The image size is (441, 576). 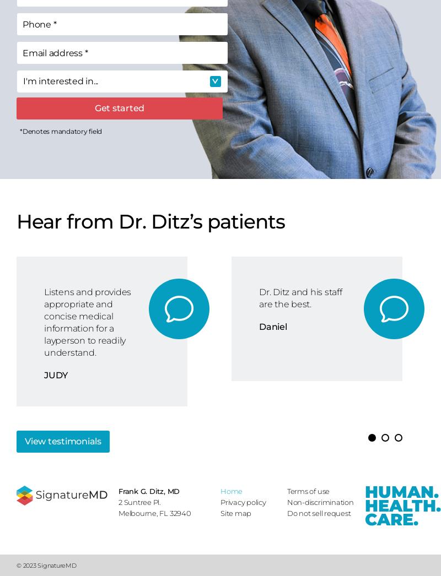 What do you see at coordinates (319, 502) in the screenshot?
I see `'Non-discrimination'` at bounding box center [319, 502].